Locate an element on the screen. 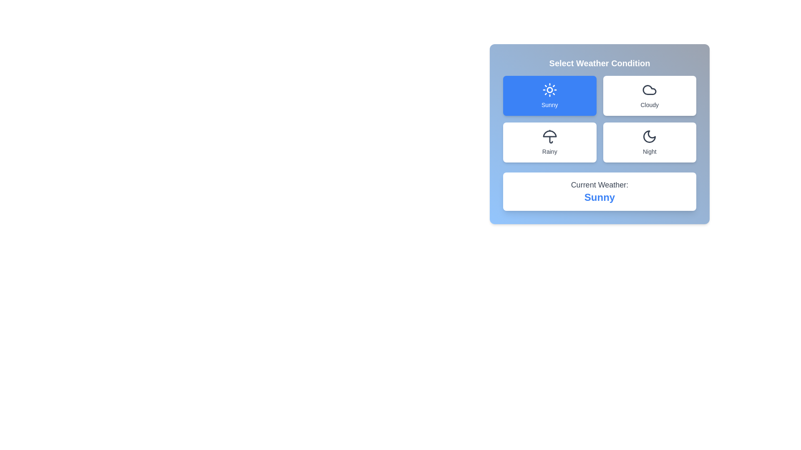  the weather condition Sunny by clicking the corresponding button is located at coordinates (549, 95).